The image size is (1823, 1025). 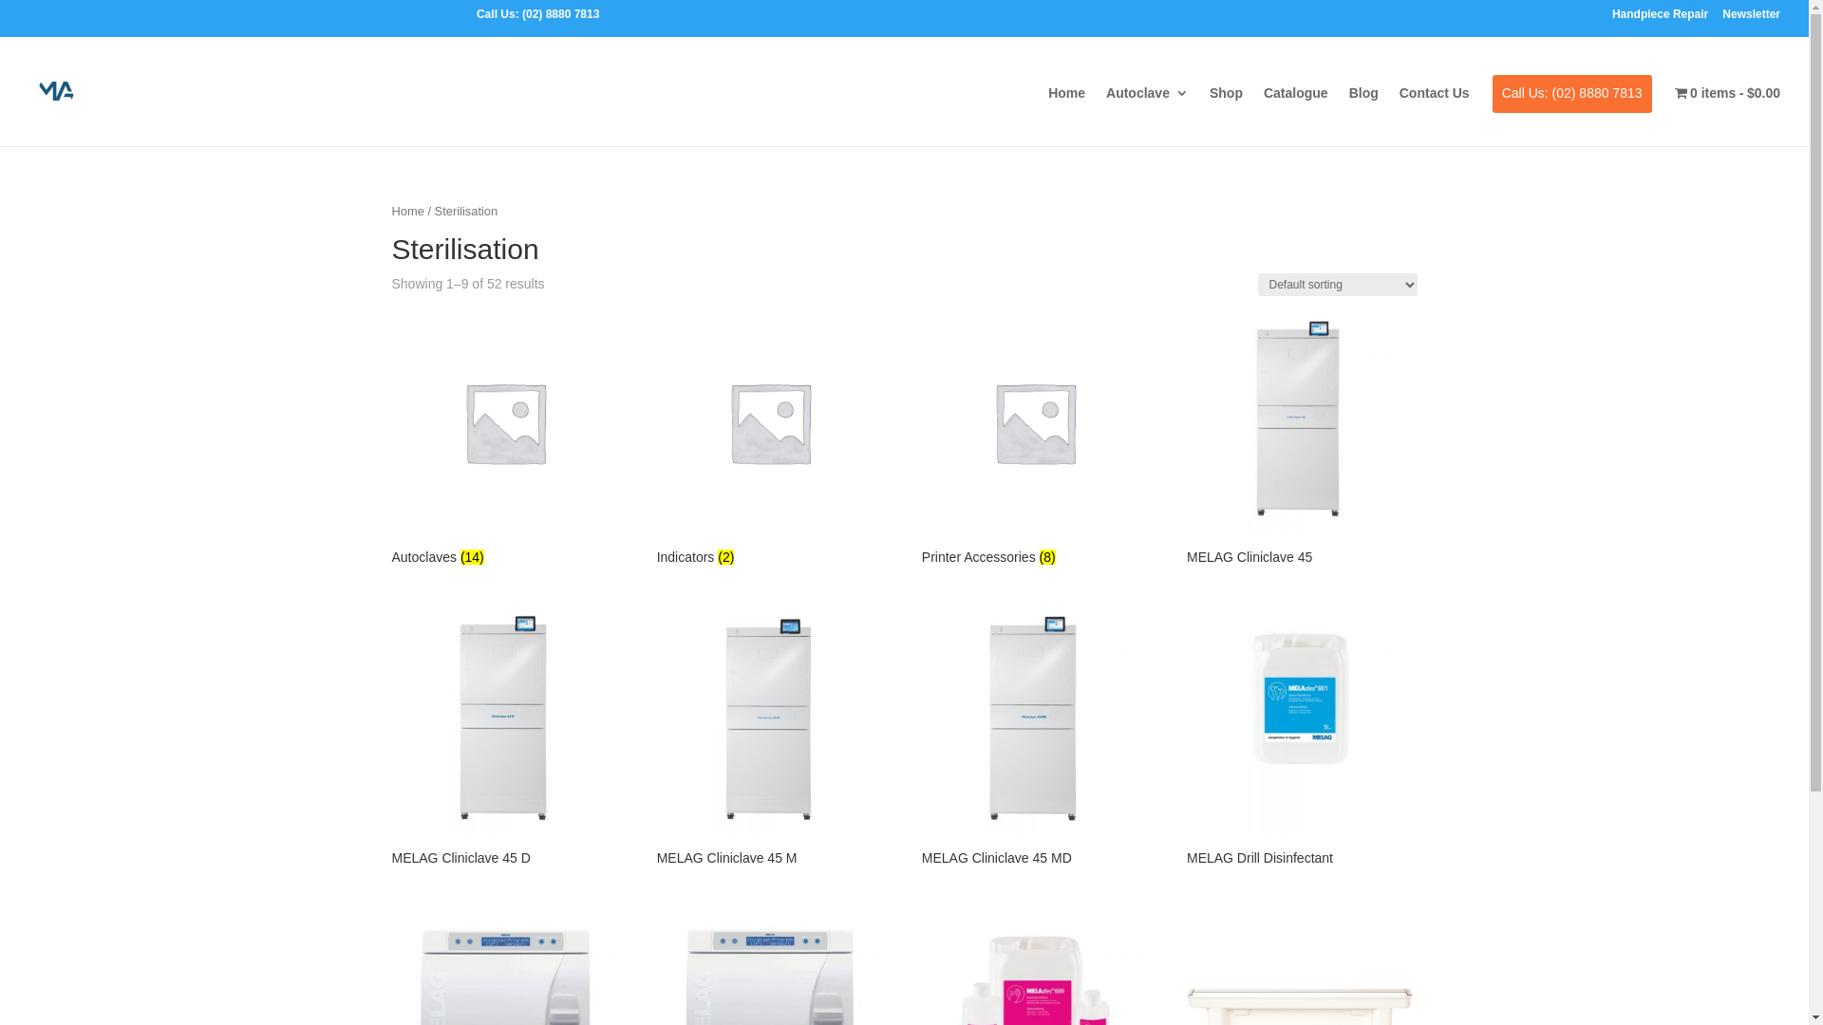 What do you see at coordinates (1572, 106) in the screenshot?
I see `'Call Us: (02) 8880 7813'` at bounding box center [1572, 106].